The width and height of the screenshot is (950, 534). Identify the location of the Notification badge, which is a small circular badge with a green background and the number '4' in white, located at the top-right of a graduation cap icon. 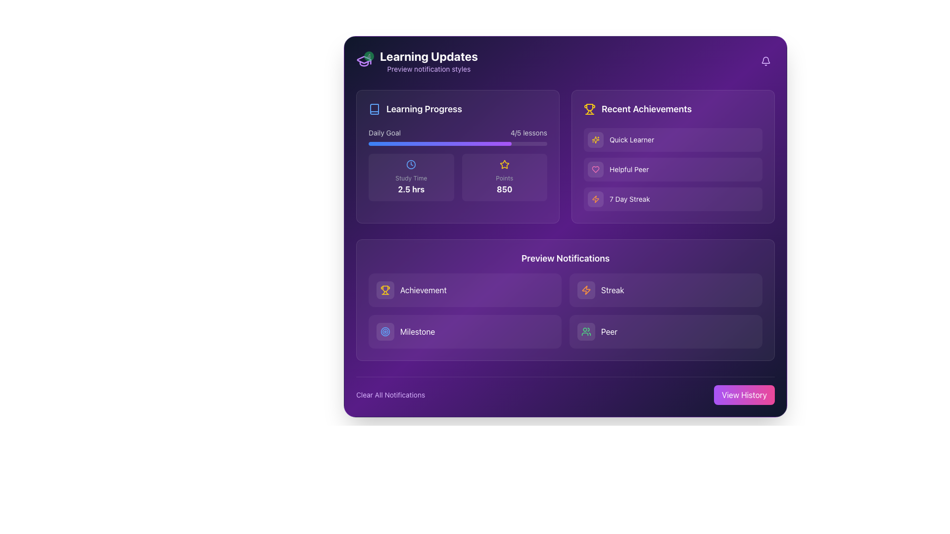
(368, 56).